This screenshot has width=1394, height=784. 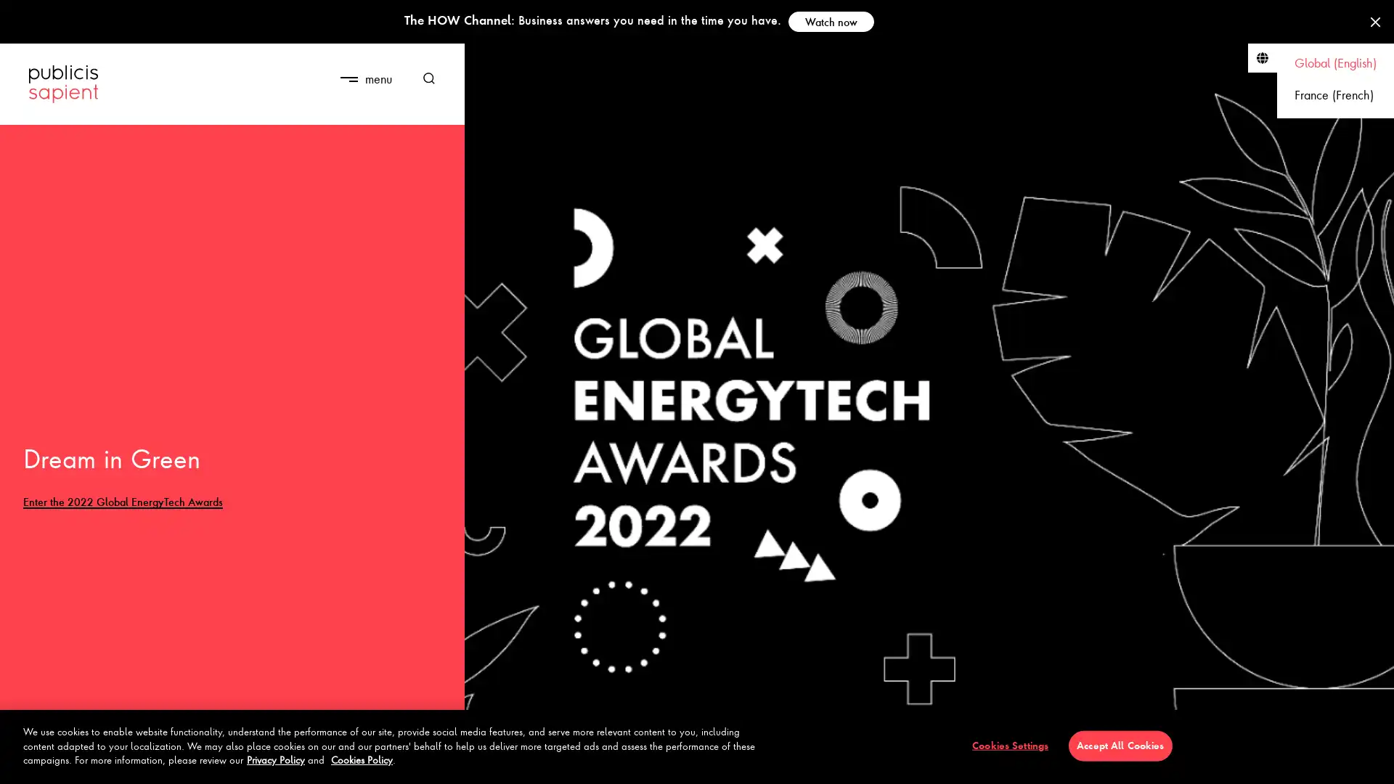 What do you see at coordinates (107, 764) in the screenshot?
I see `Display Slide 4` at bounding box center [107, 764].